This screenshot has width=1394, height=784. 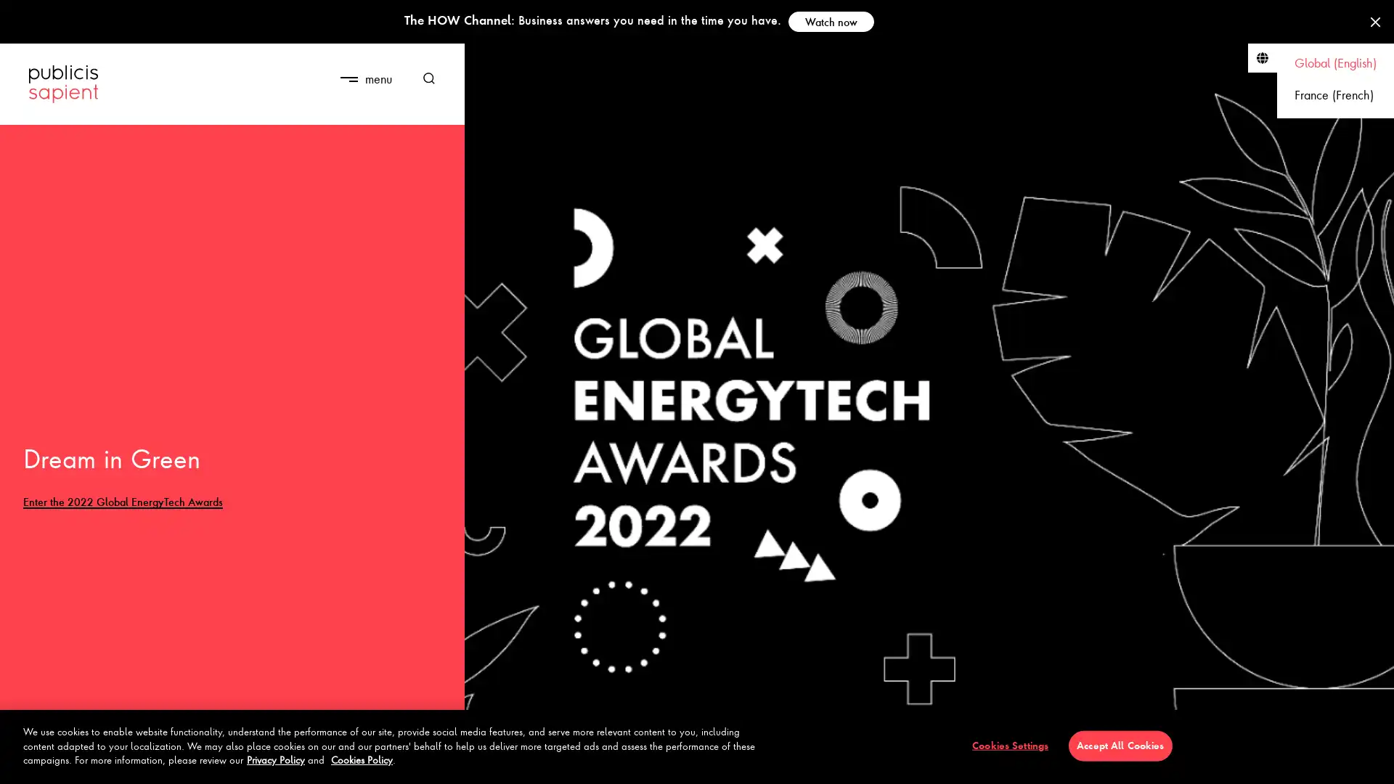 What do you see at coordinates (107, 764) in the screenshot?
I see `Display Slide 4` at bounding box center [107, 764].